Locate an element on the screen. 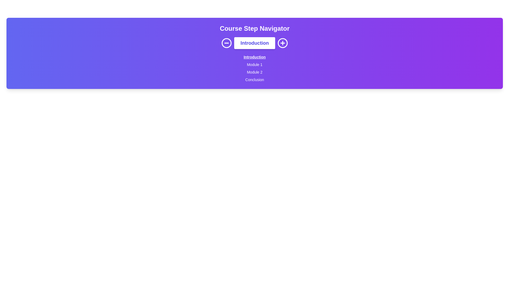 The height and width of the screenshot is (291, 518). the graphic component centered within the 'circle plus' icon, which is located to the right of the 'Introduction' button in the navigation bar is located at coordinates (282, 43).